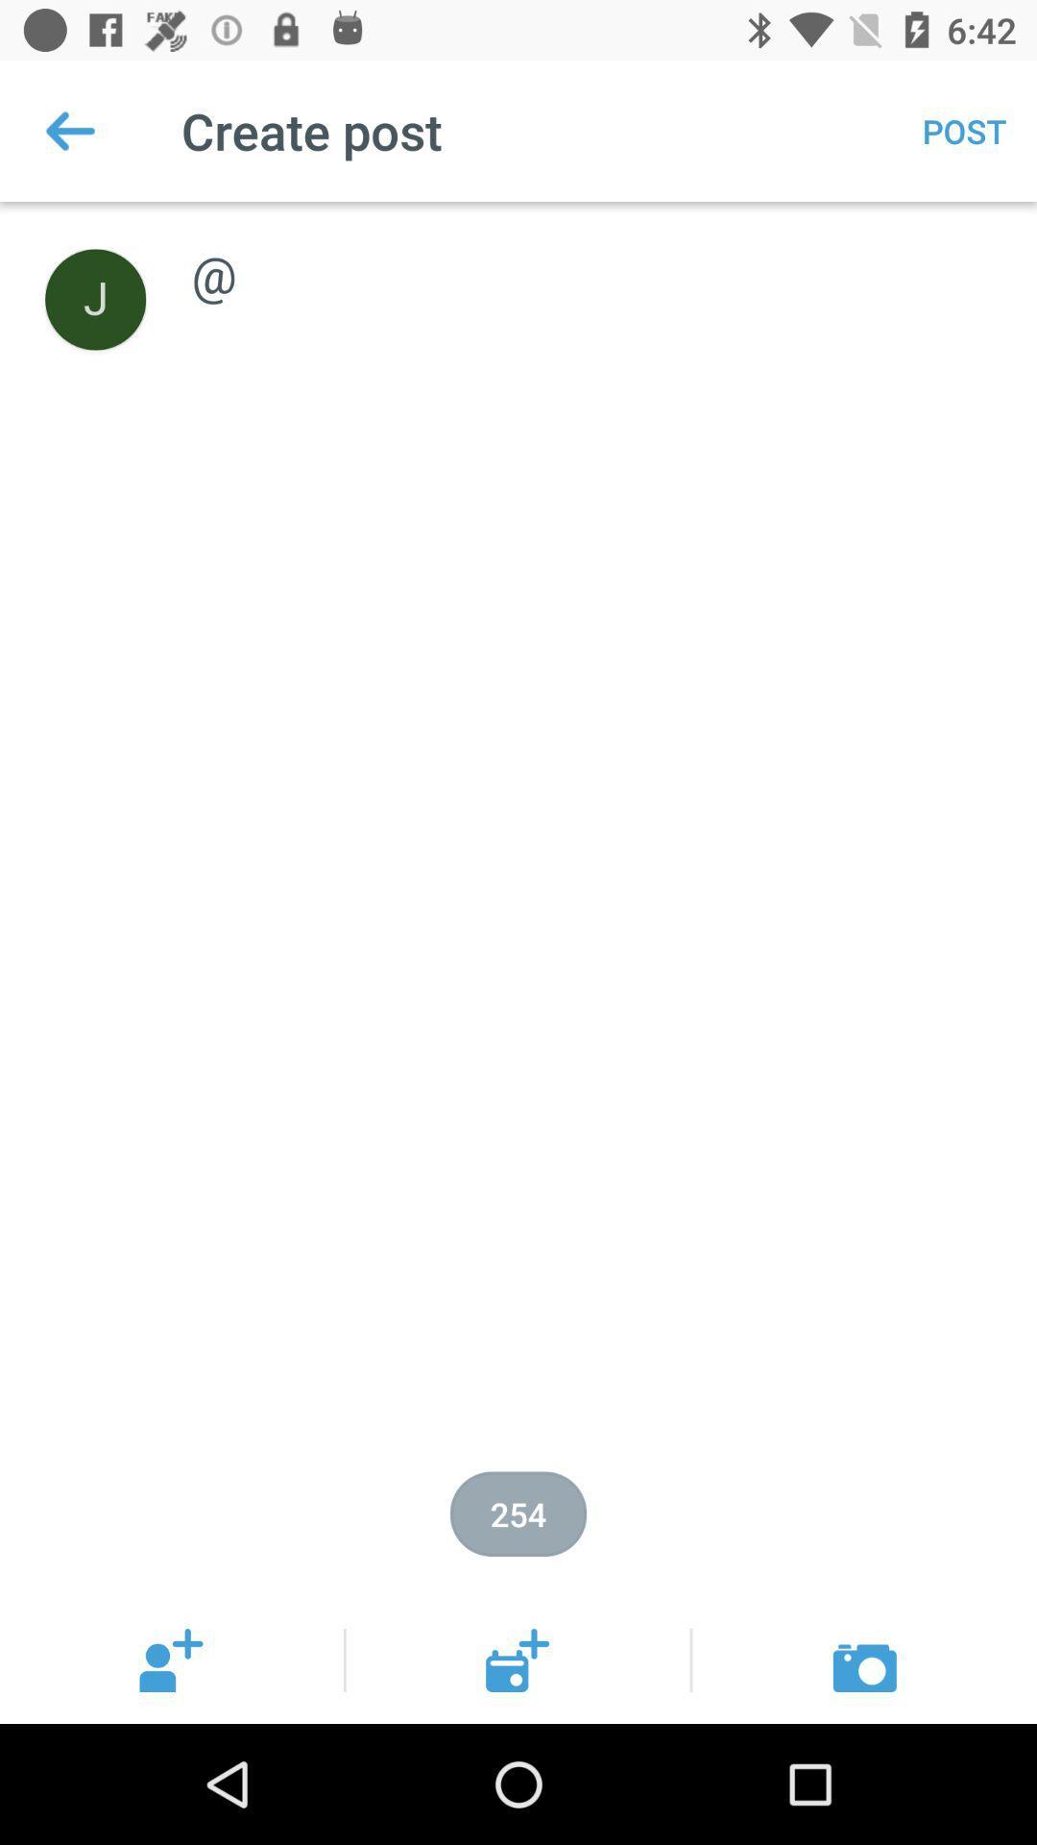  I want to click on @ item, so click(592, 253).